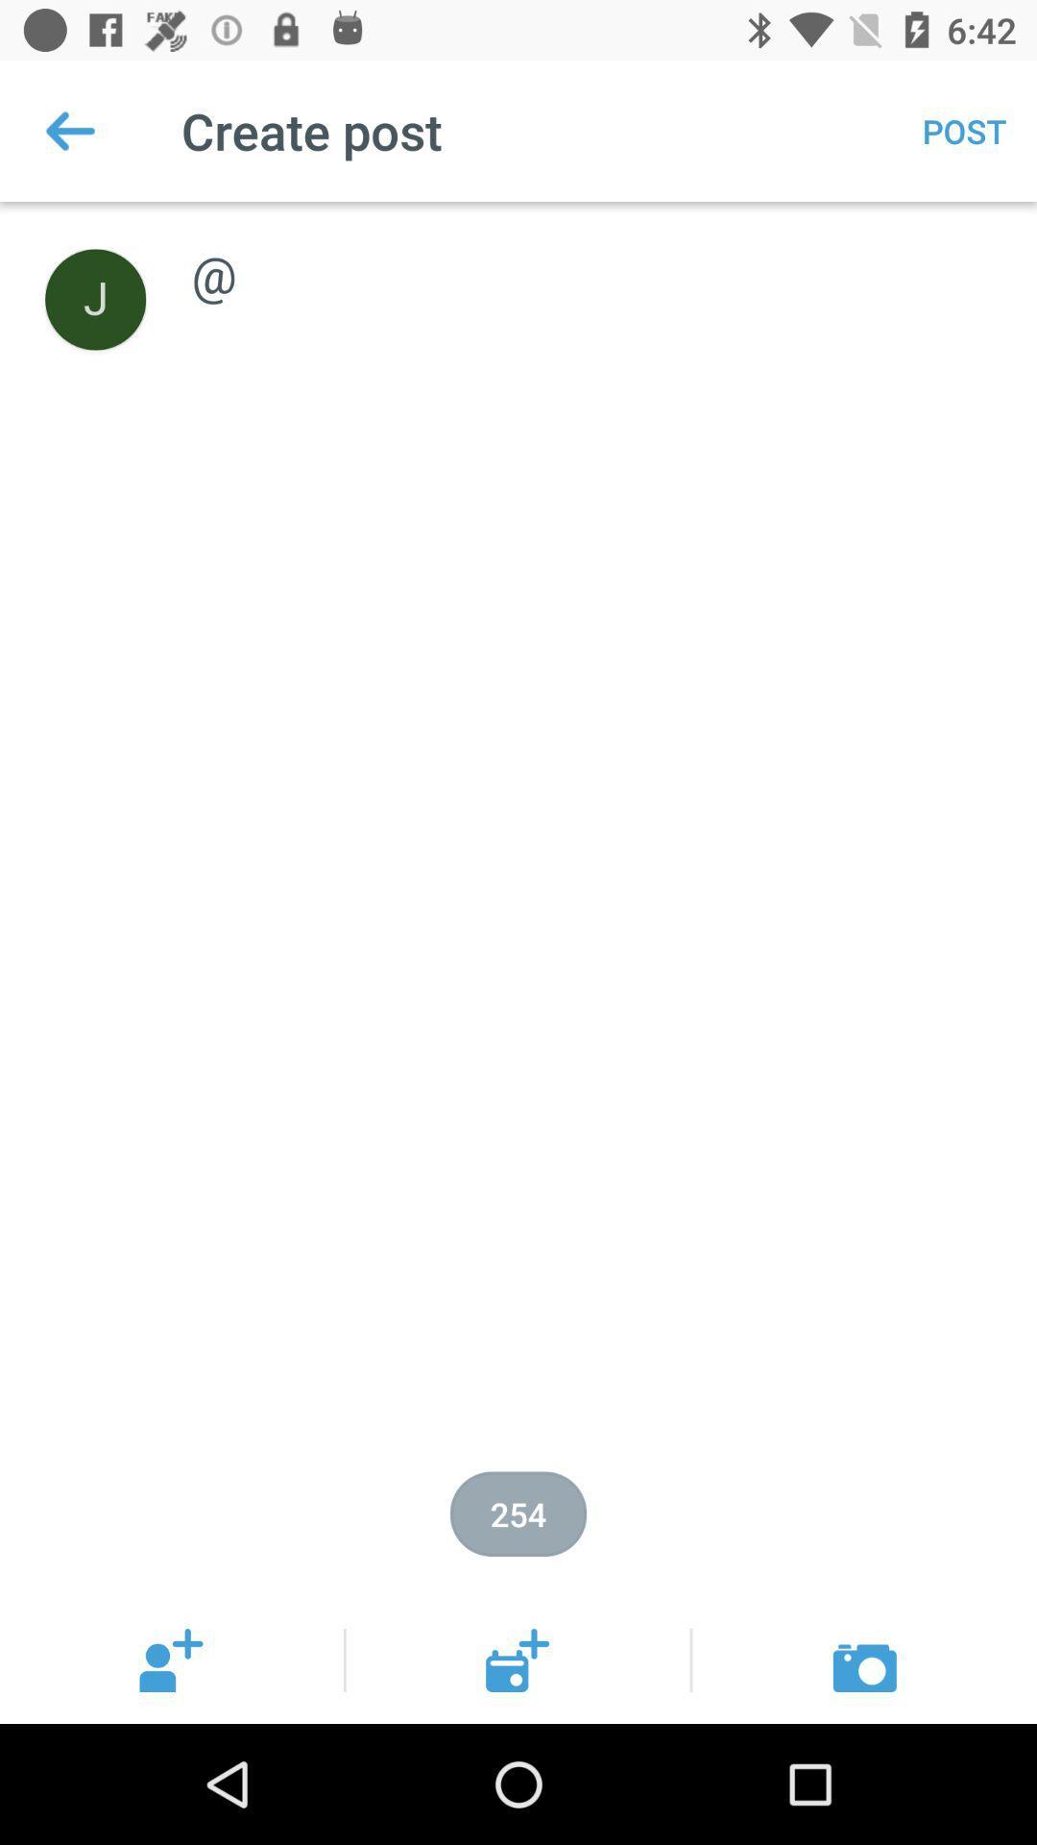  I want to click on @ item, so click(592, 253).